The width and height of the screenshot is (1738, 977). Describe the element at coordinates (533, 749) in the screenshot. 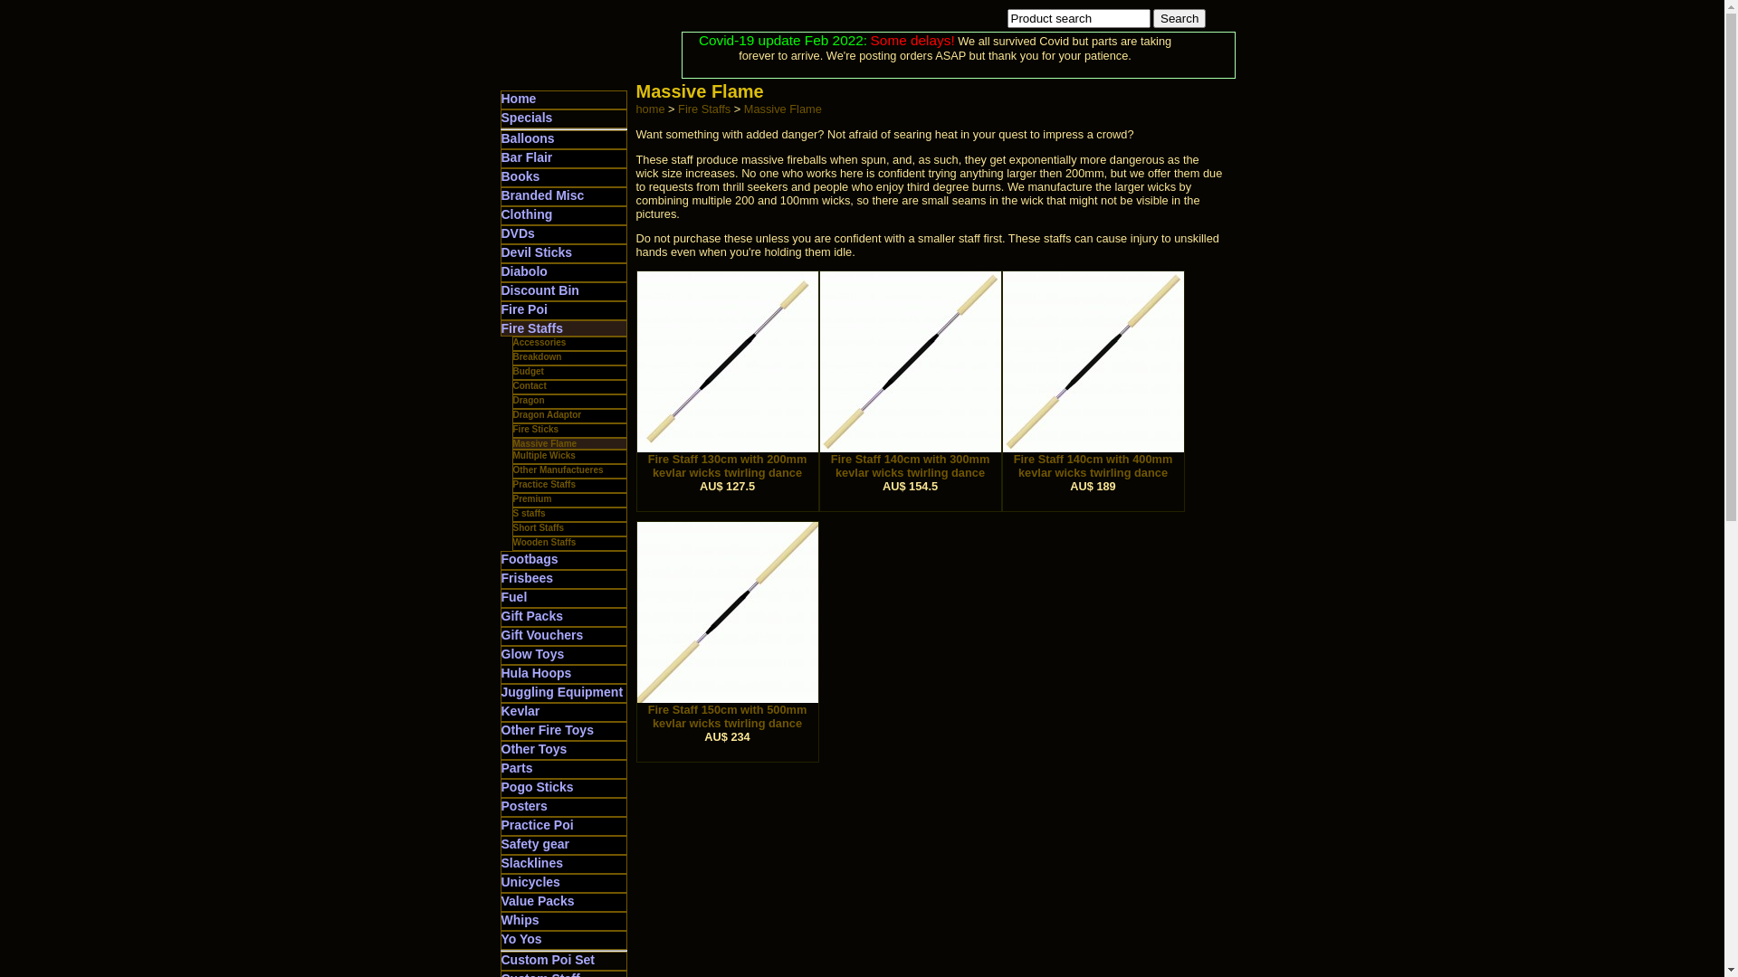

I see `'Other Toys'` at that location.